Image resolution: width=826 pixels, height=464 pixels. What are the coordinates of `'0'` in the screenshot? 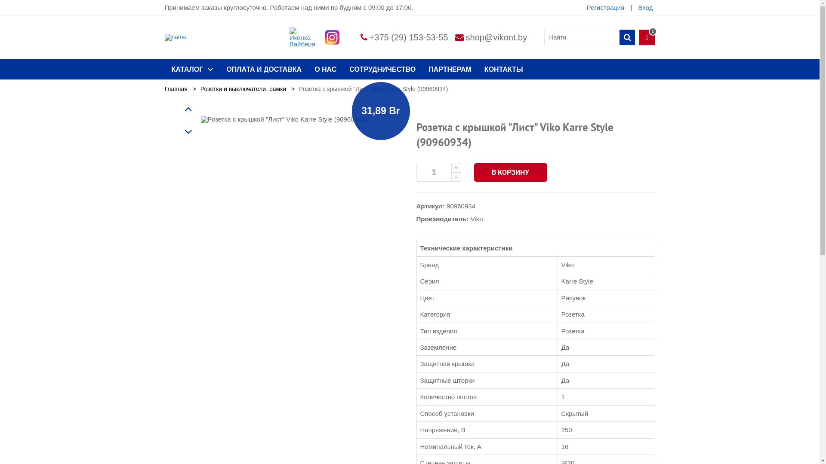 It's located at (647, 37).